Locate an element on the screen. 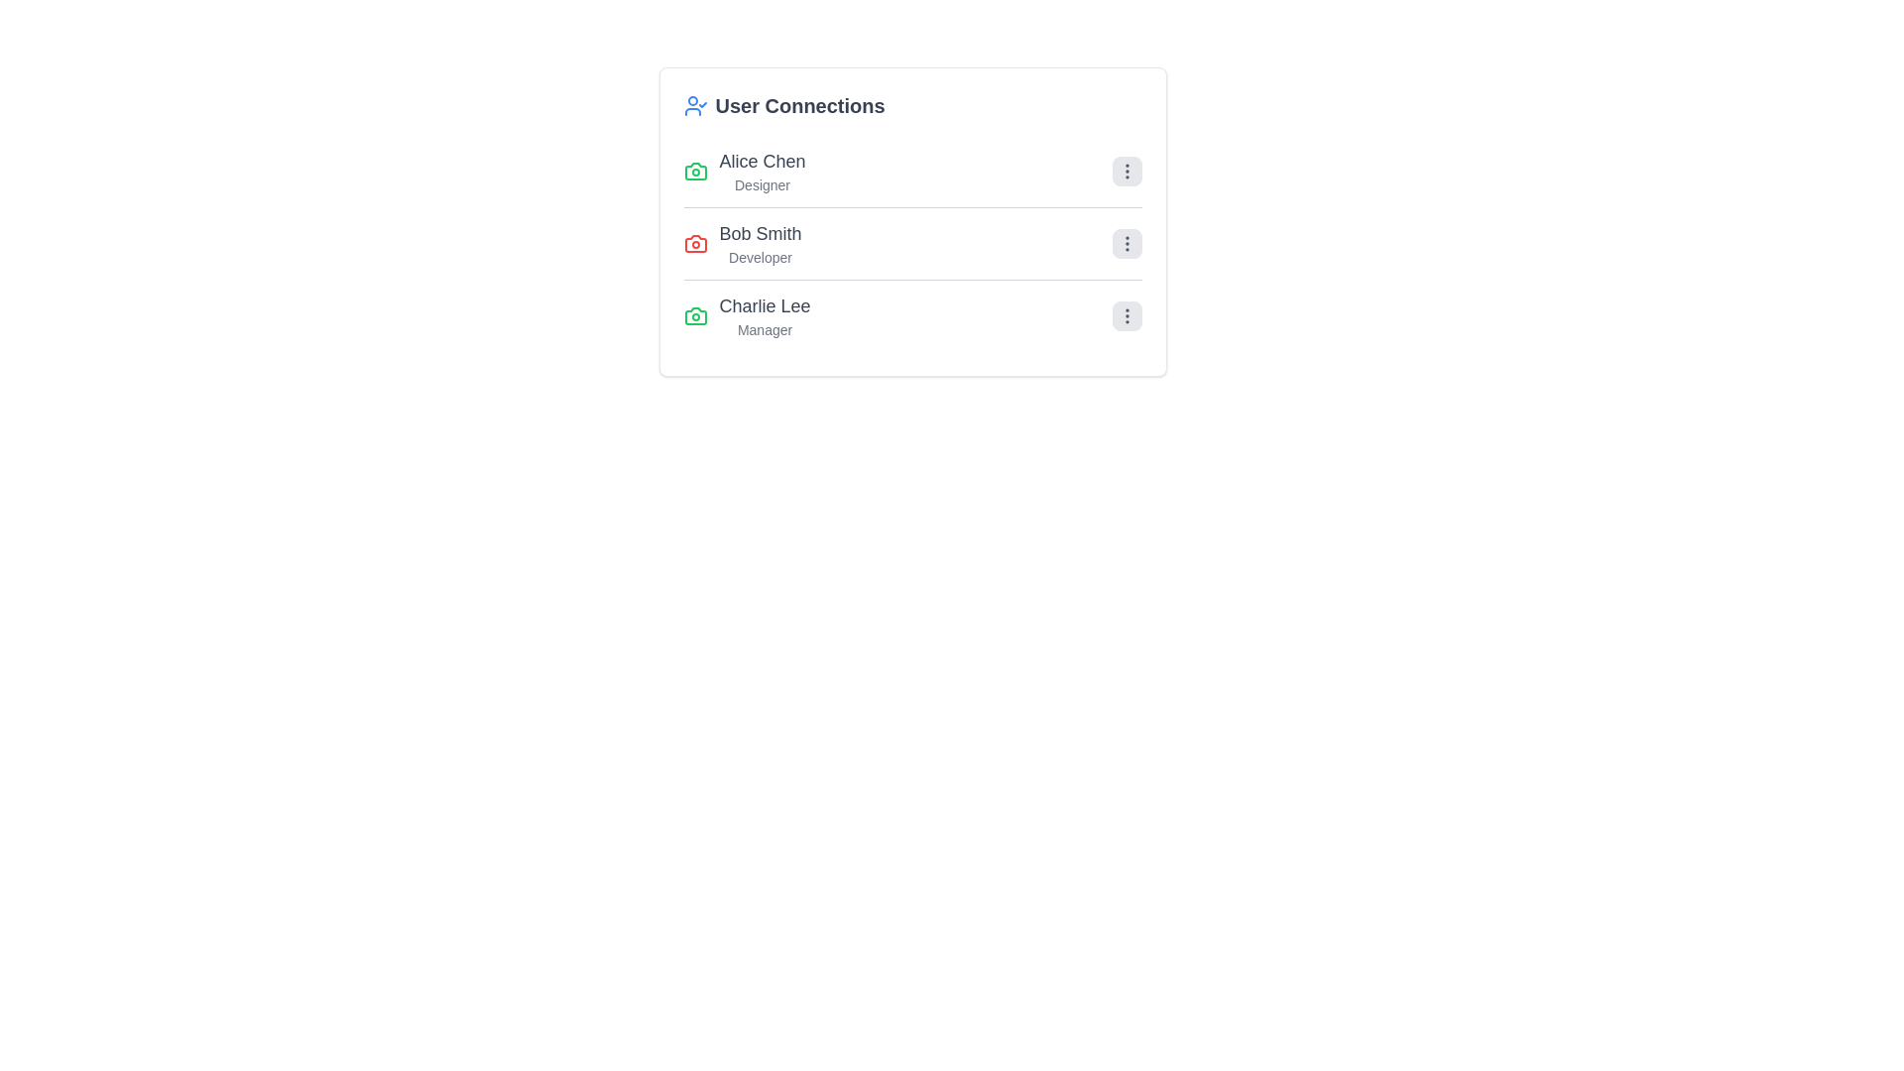 The height and width of the screenshot is (1071, 1904). the camera icon with a green outline next to 'Alice Chen Designer' in the 'User Connections' section is located at coordinates (695, 171).